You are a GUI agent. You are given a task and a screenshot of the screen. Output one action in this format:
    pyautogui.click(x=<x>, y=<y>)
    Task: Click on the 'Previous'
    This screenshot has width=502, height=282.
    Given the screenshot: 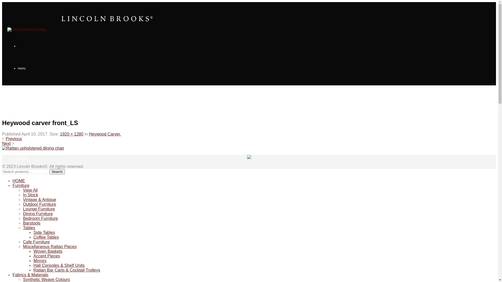 What is the action you would take?
    pyautogui.click(x=14, y=138)
    